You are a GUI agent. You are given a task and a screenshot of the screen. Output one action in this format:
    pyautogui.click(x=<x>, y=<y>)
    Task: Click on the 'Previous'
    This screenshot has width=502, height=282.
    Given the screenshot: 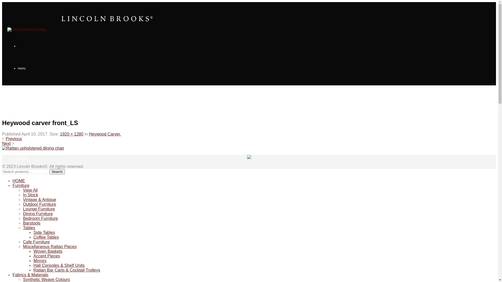 What is the action you would take?
    pyautogui.click(x=14, y=138)
    